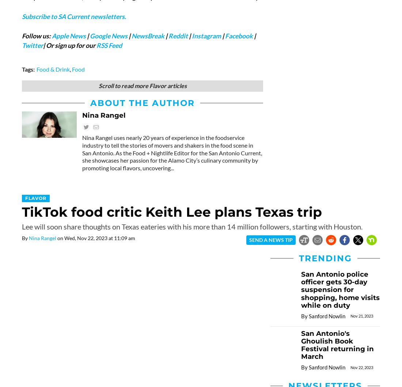 This screenshot has width=402, height=387. What do you see at coordinates (21, 212) in the screenshot?
I see `'TikTok food critic Keith Lee plans Texas trip'` at bounding box center [21, 212].